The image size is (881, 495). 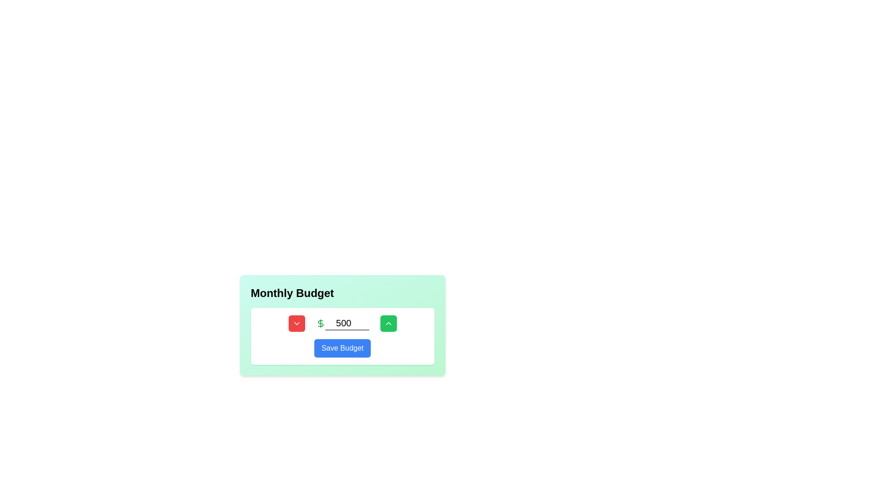 I want to click on the up arrow button on the budget input interface to increase the value, so click(x=342, y=324).